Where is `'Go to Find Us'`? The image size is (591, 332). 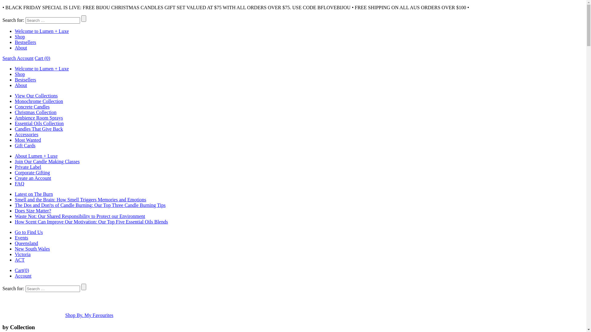
'Go to Find Us' is located at coordinates (28, 232).